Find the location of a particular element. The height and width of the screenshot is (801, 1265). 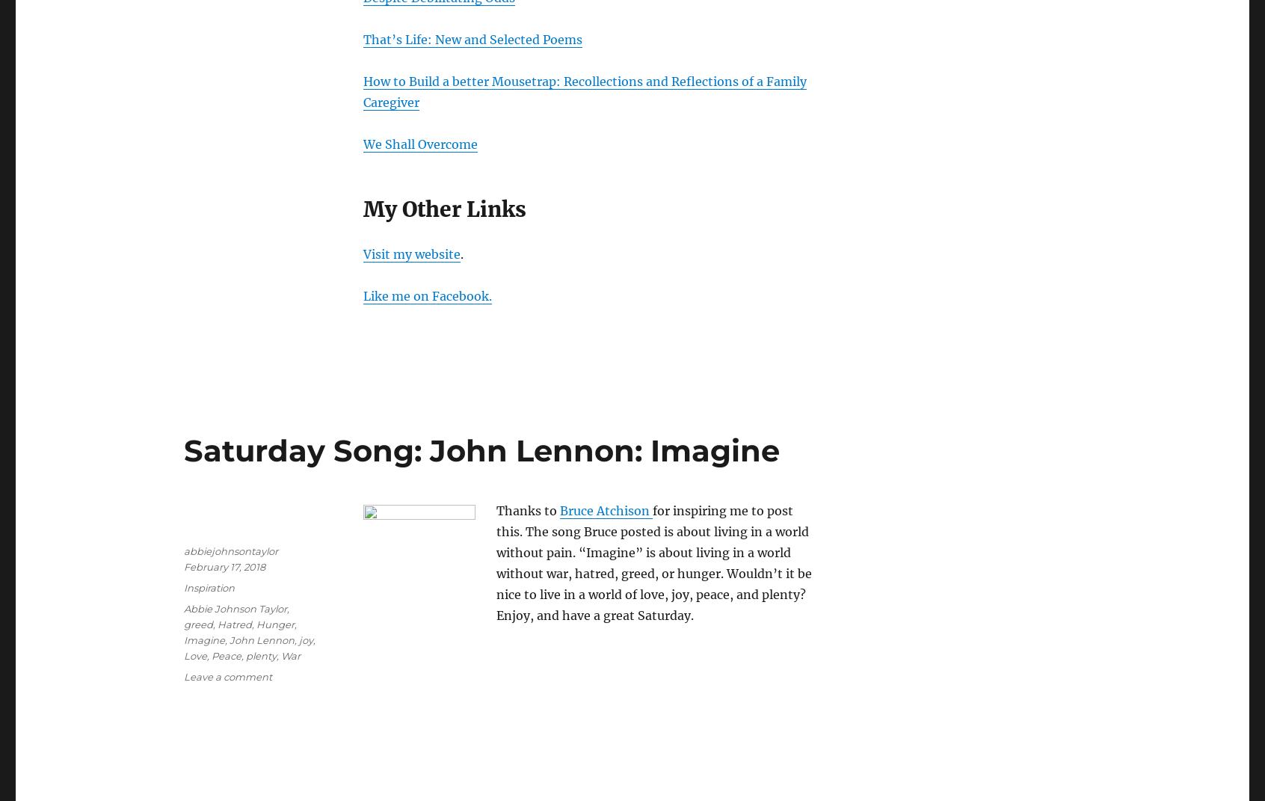

'Thanks to' is located at coordinates (527, 509).